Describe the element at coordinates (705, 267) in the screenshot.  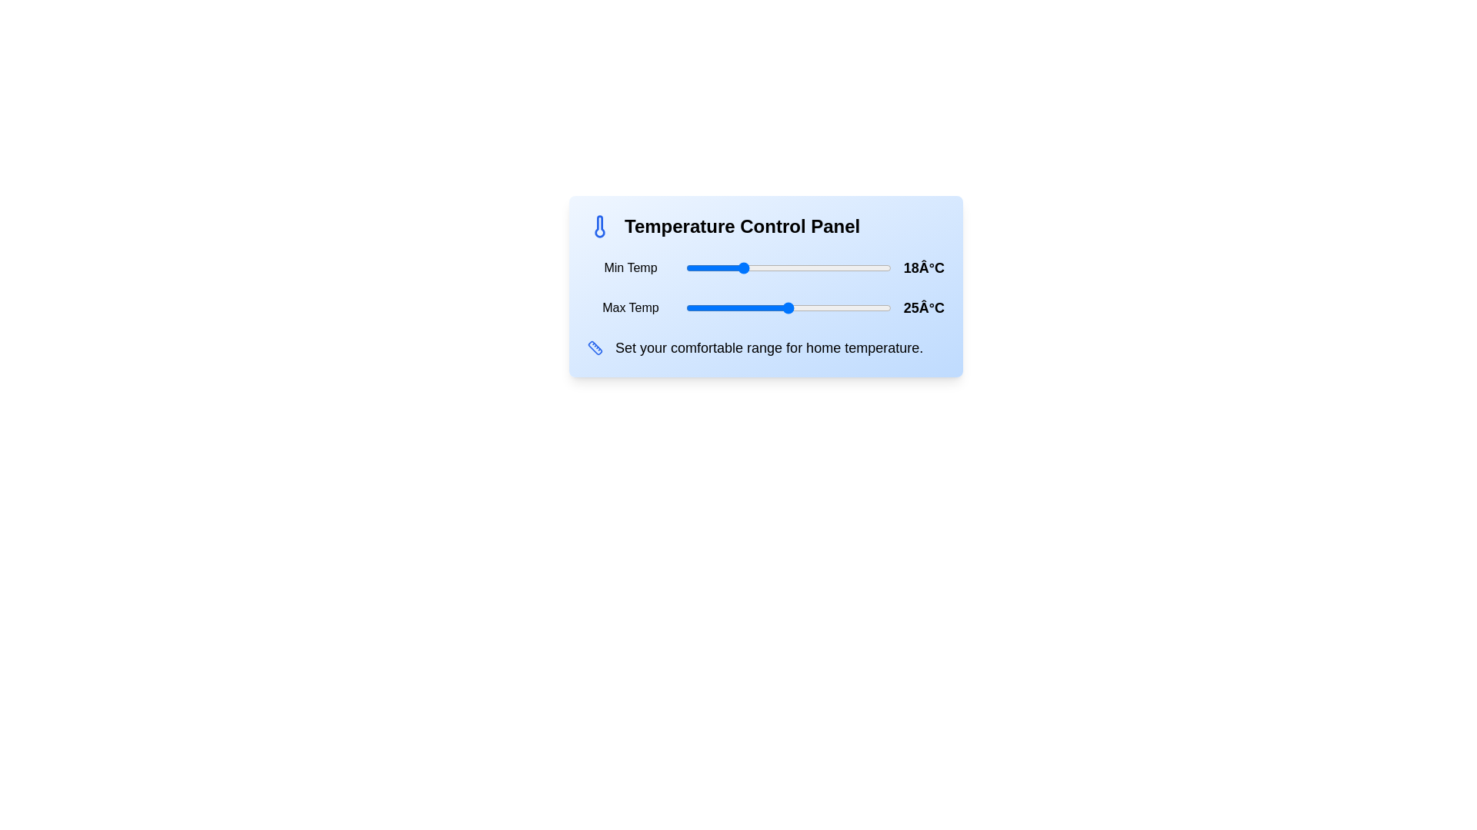
I see `the minimum temperature to 13°C using the slider` at that location.